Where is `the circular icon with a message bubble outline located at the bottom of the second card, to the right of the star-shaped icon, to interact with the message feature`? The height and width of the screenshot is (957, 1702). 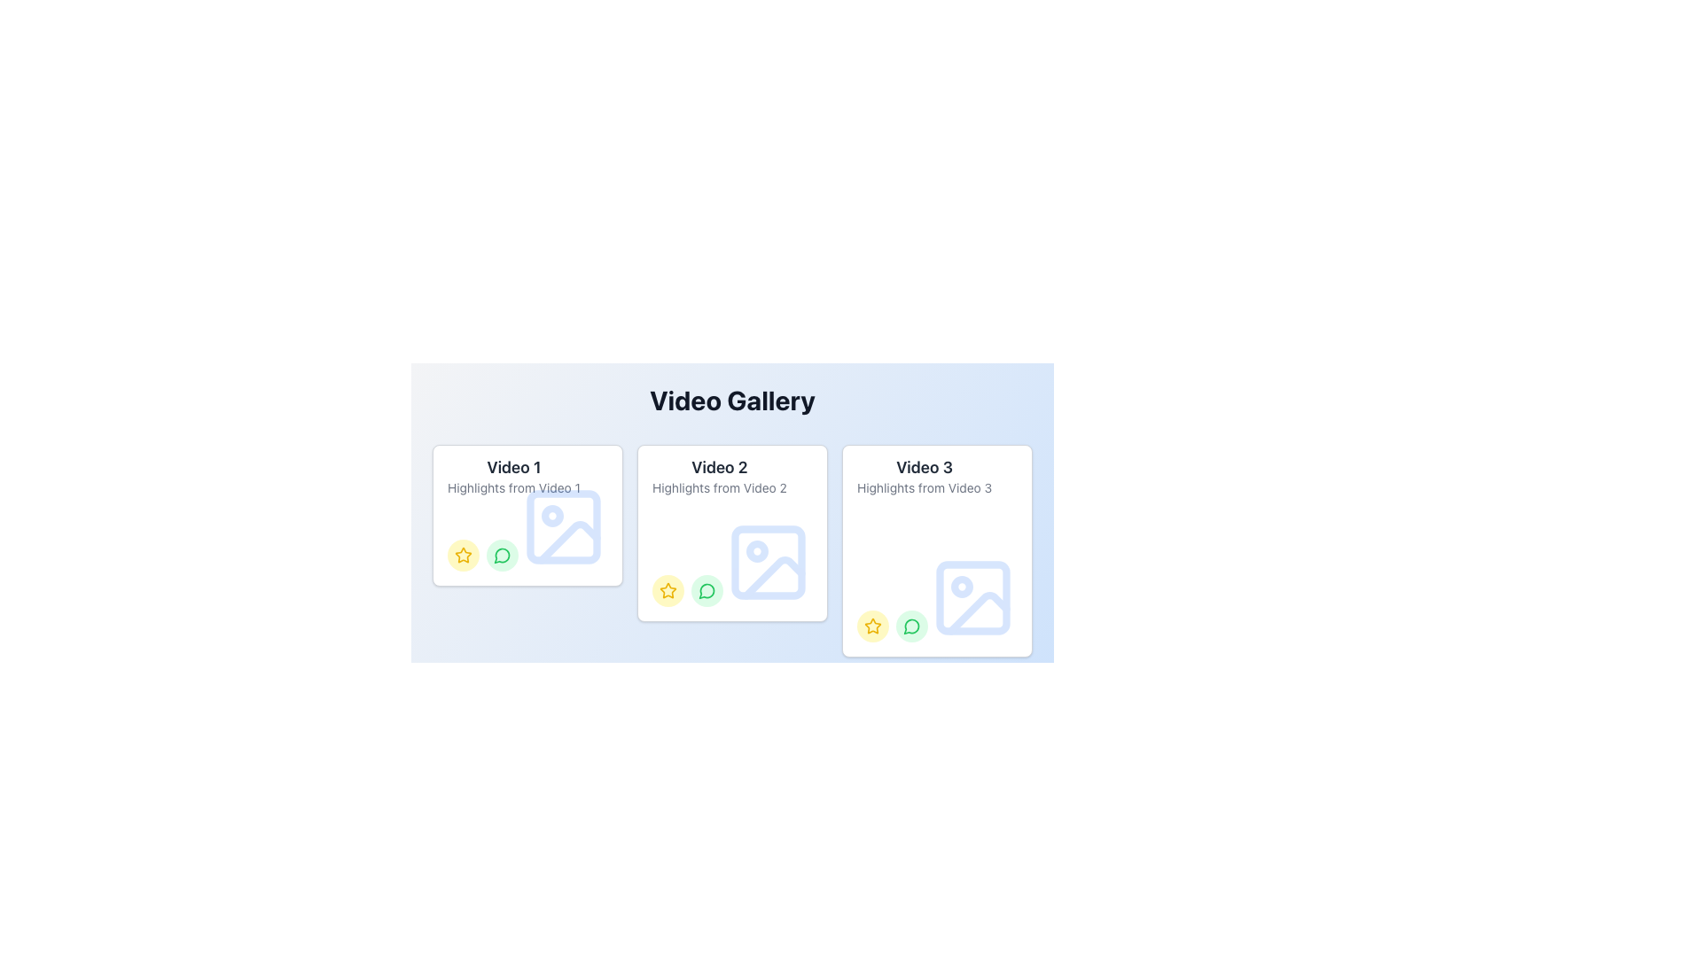 the circular icon with a message bubble outline located at the bottom of the second card, to the right of the star-shaped icon, to interact with the message feature is located at coordinates (706, 591).